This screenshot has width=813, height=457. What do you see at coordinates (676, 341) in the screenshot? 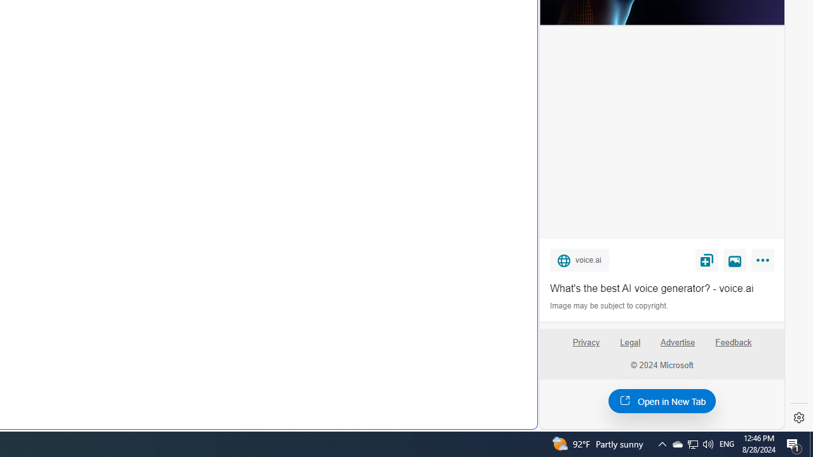
I see `'Advertise'` at bounding box center [676, 341].